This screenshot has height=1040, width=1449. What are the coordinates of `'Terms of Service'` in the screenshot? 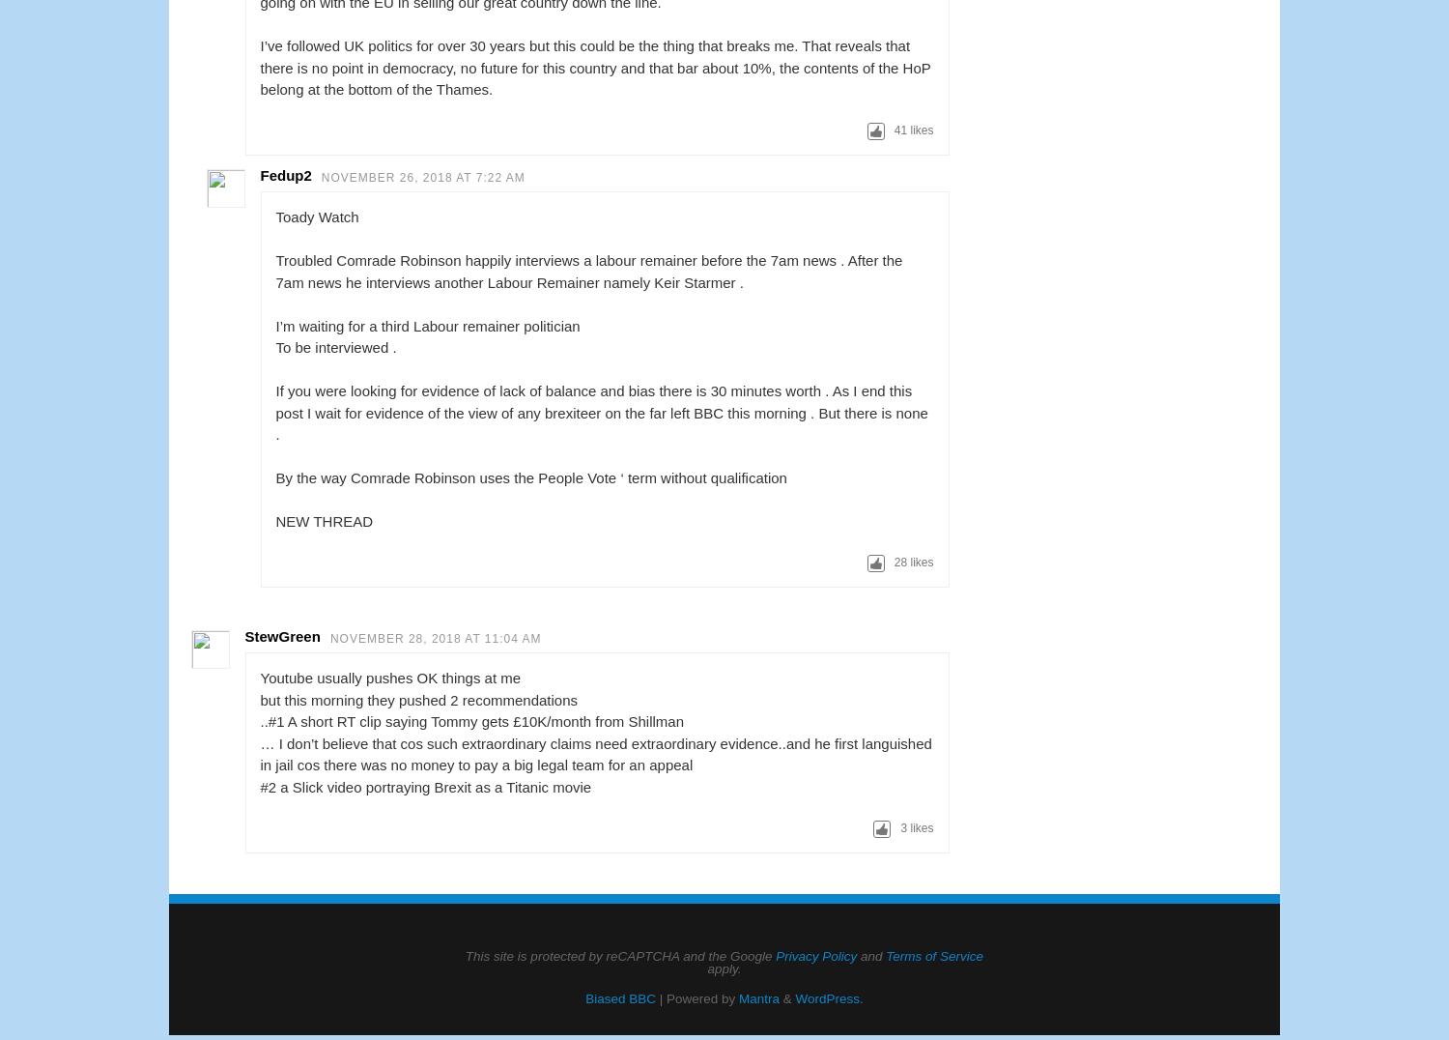 It's located at (885, 954).